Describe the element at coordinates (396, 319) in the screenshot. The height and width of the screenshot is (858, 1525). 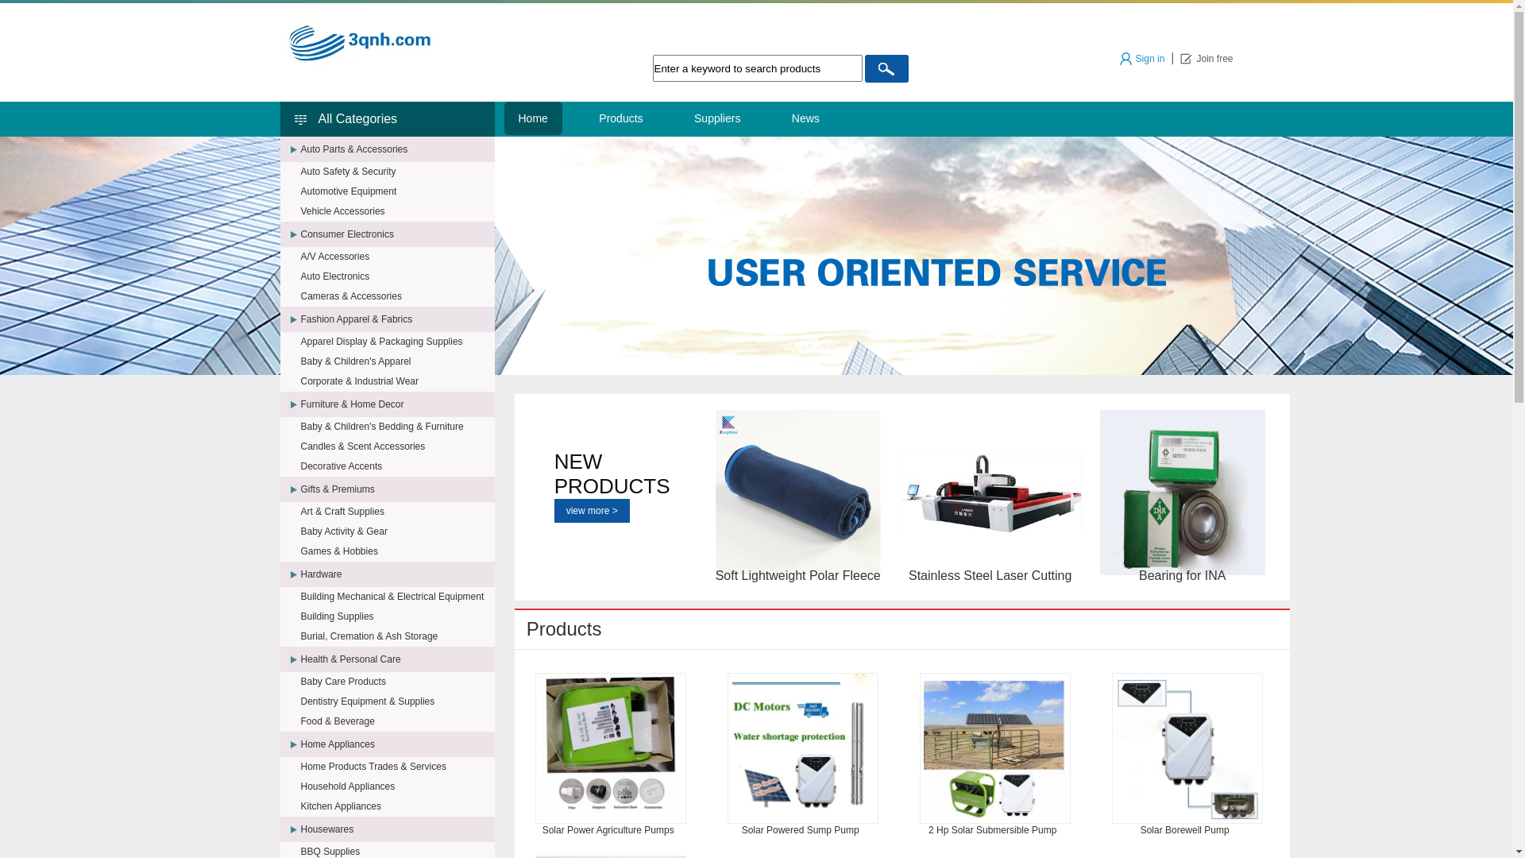
I see `'Fashion Apparel & Fabrics'` at that location.